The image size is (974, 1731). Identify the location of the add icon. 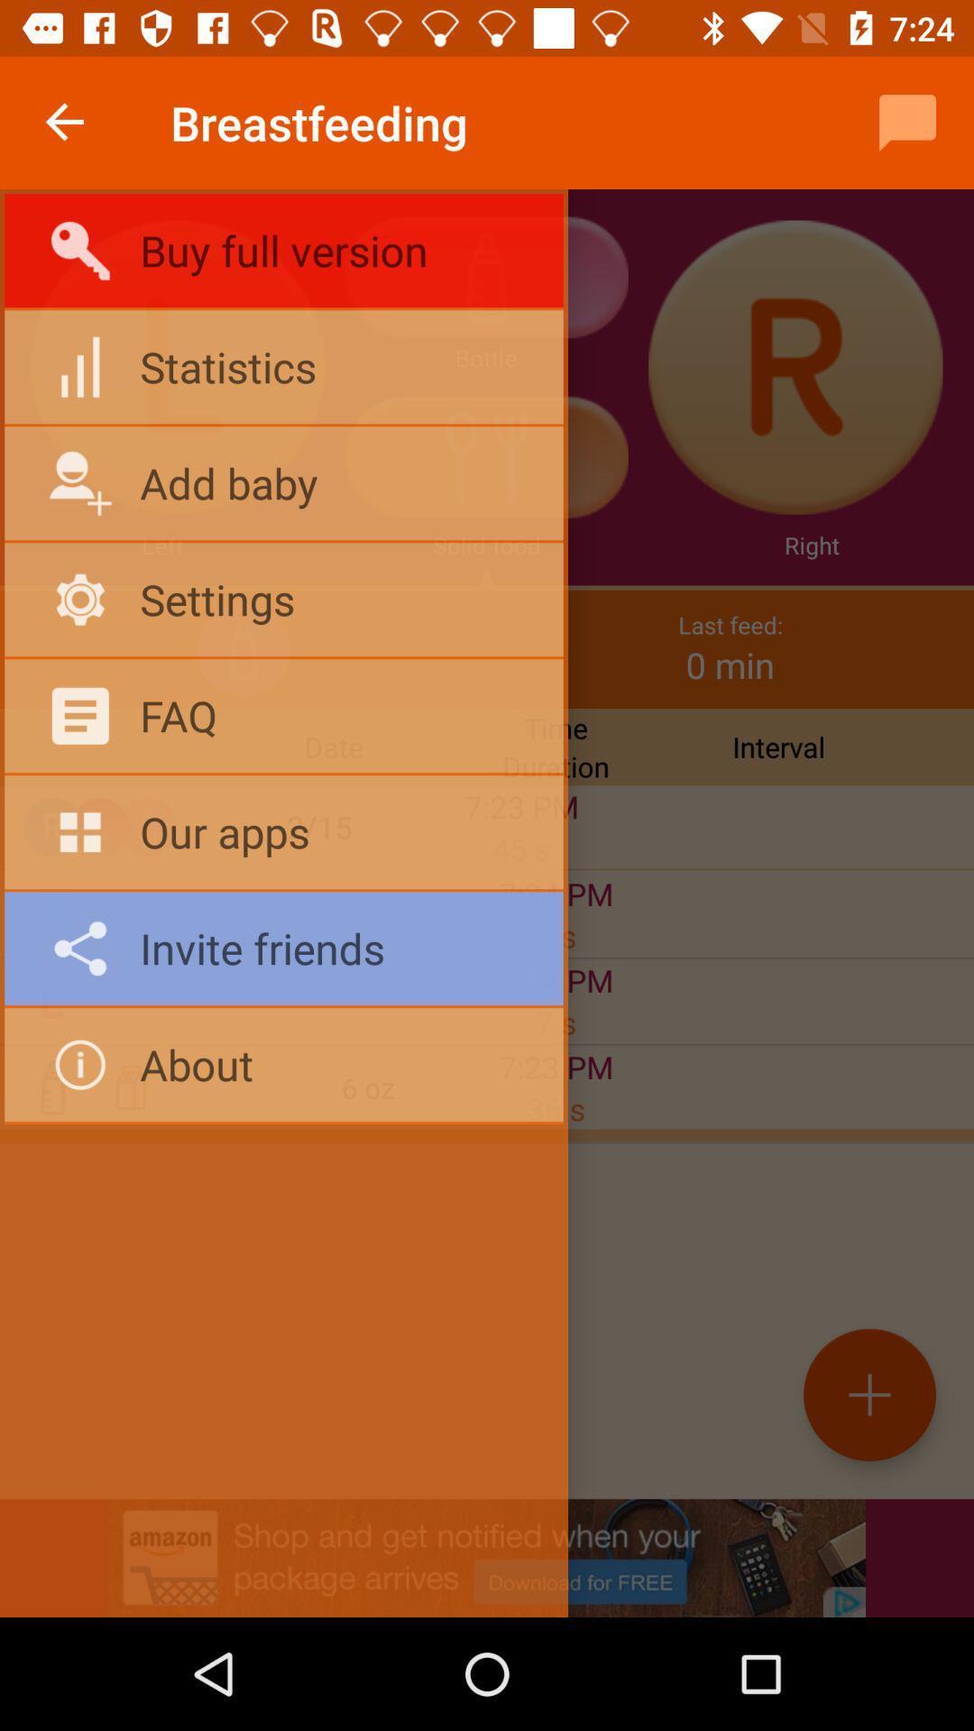
(868, 1394).